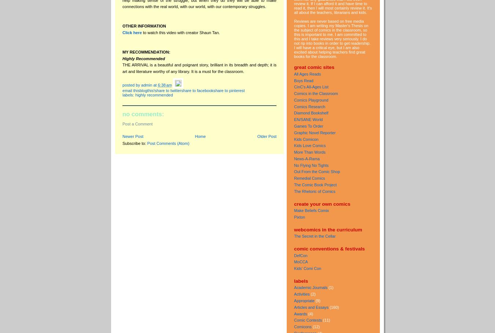  Describe the element at coordinates (167, 89) in the screenshot. I see `'Share to Twitter'` at that location.